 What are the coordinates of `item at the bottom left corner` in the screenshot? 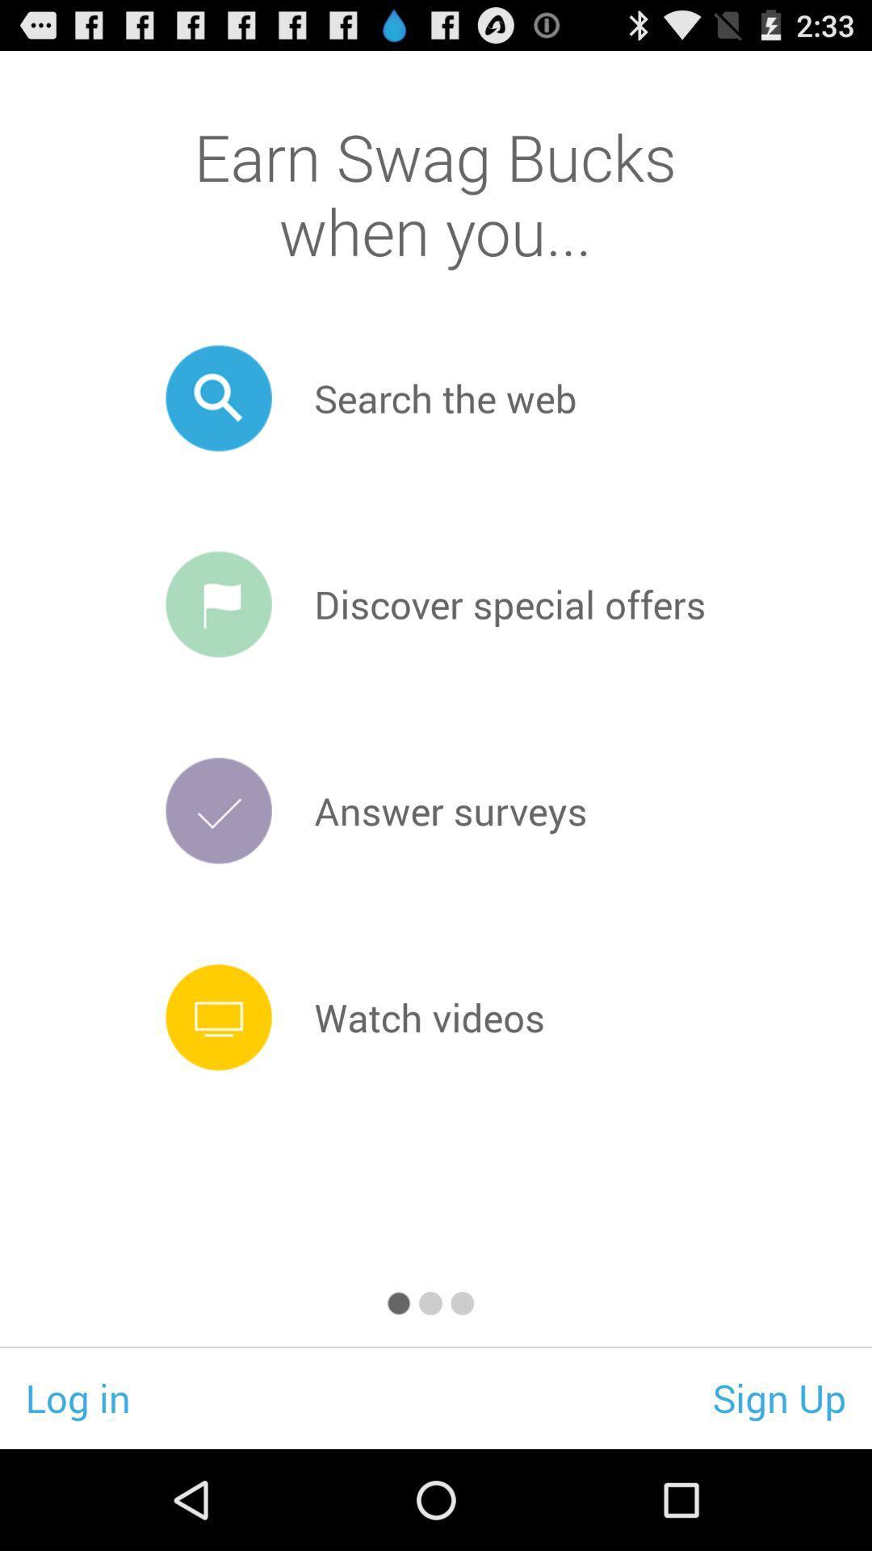 It's located at (78, 1397).